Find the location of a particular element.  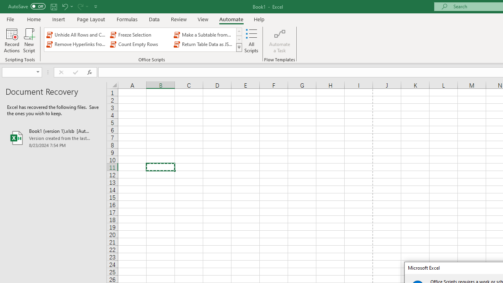

'Automate a Task' is located at coordinates (280, 40).